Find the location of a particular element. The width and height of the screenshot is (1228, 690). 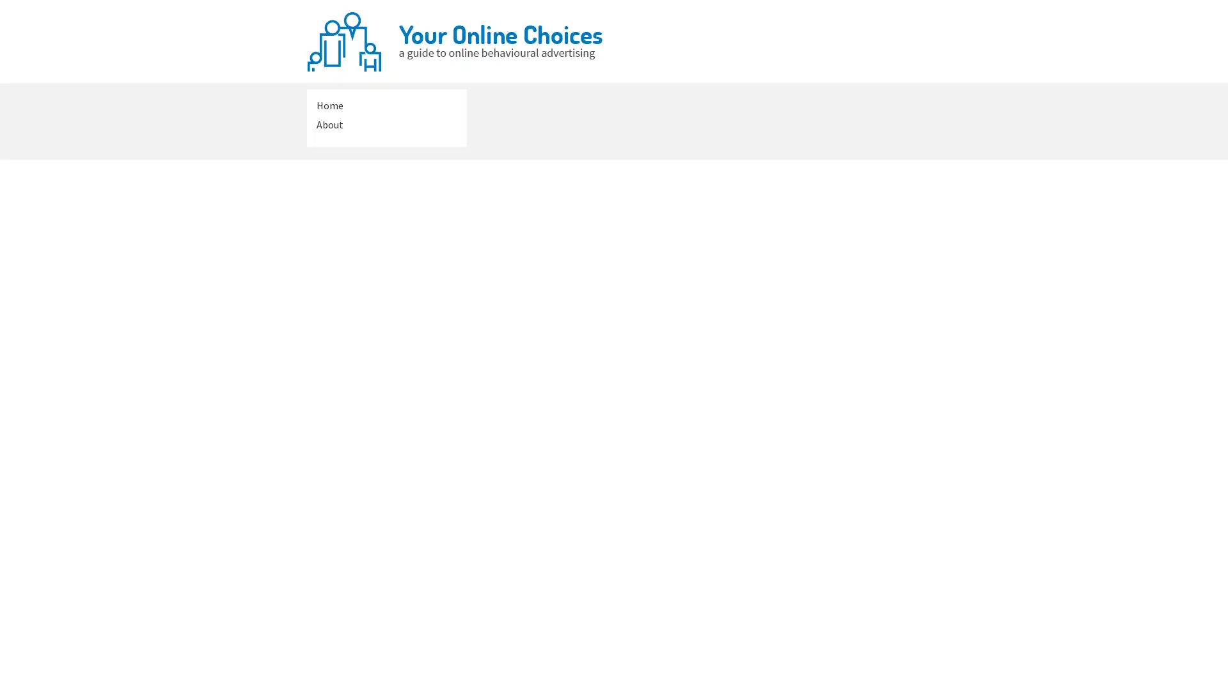

enter full screen is located at coordinates (838, 584).